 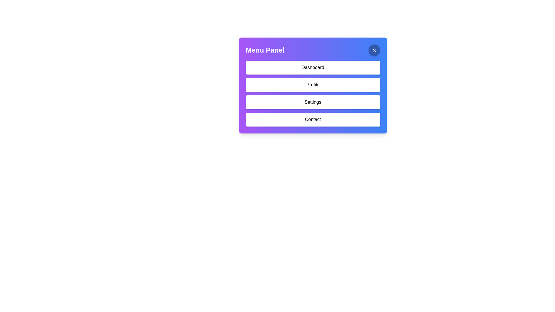 I want to click on the 'Contact' button, which is a white rectangular button with rounded corners located at the bottom of the button group in the 'Menu Panel', so click(x=312, y=119).